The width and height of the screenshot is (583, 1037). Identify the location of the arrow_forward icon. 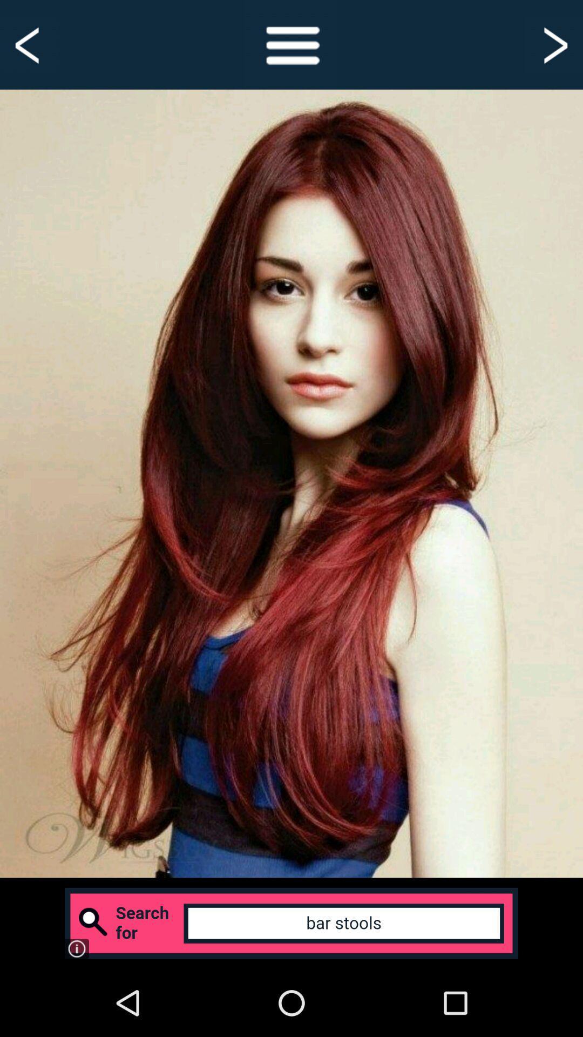
(554, 47).